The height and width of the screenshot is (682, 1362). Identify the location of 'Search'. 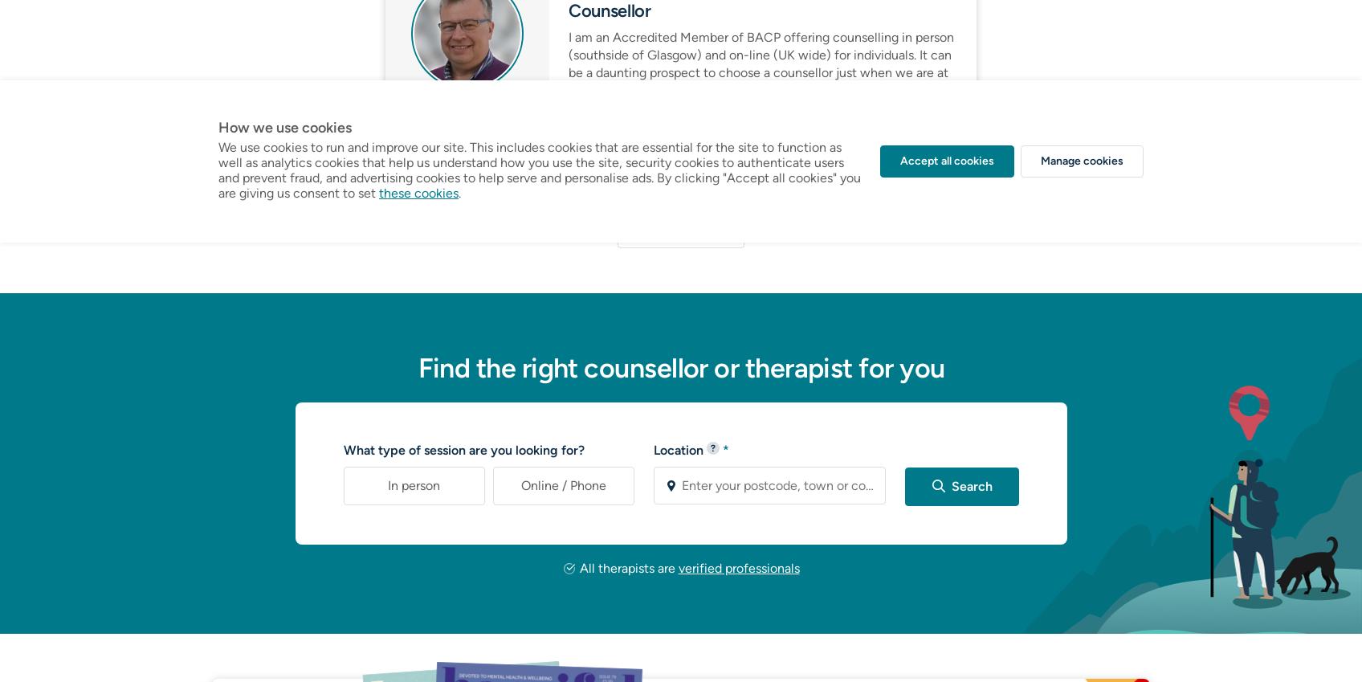
(968, 485).